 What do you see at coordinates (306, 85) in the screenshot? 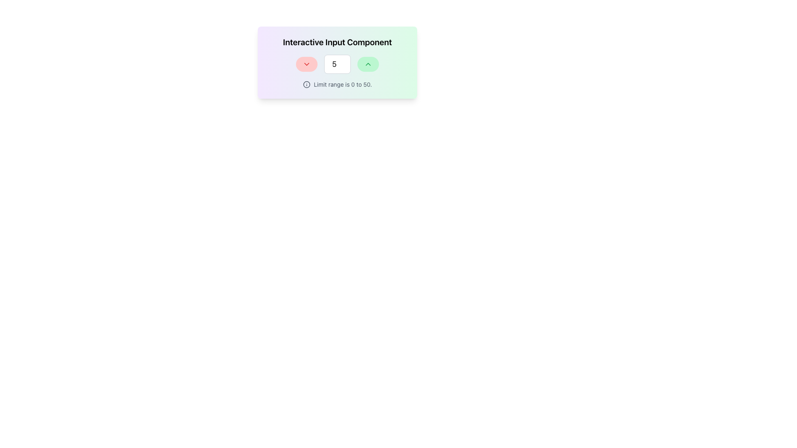
I see `the circular part of the information icon within the SVG graphic located at the bottom-left corner of the message box` at bounding box center [306, 85].